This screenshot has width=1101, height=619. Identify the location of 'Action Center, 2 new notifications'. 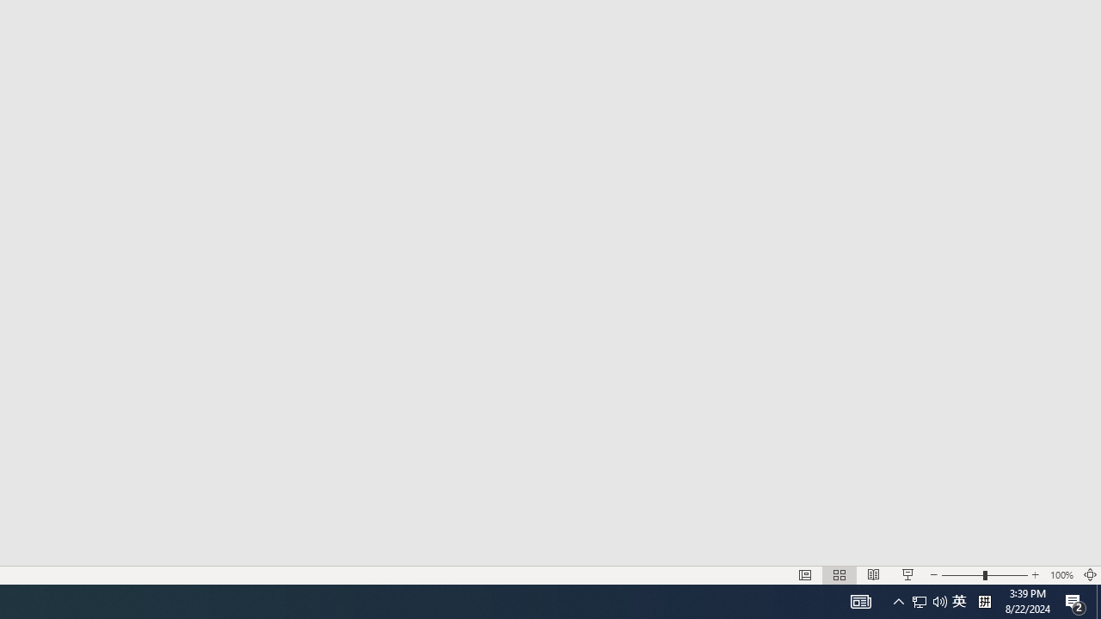
(1075, 600).